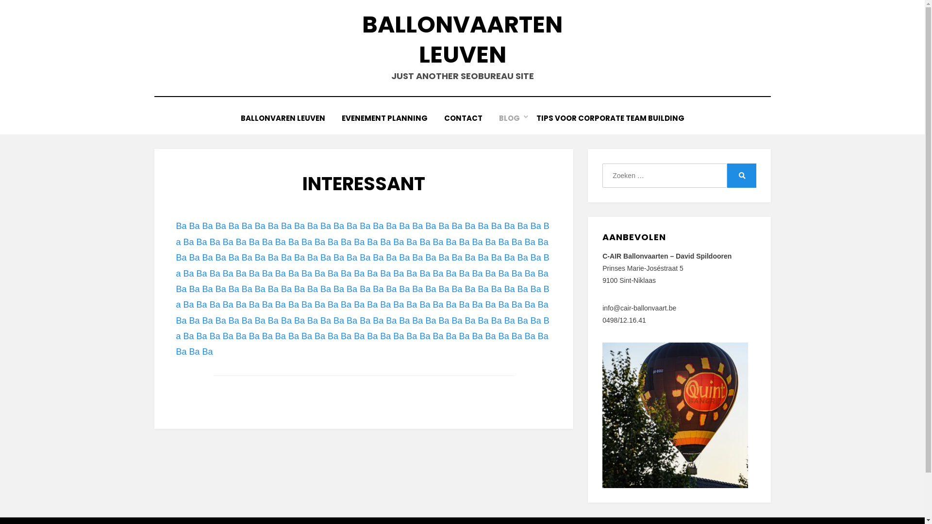 Image resolution: width=932 pixels, height=524 pixels. I want to click on 'Ba', so click(351, 257).